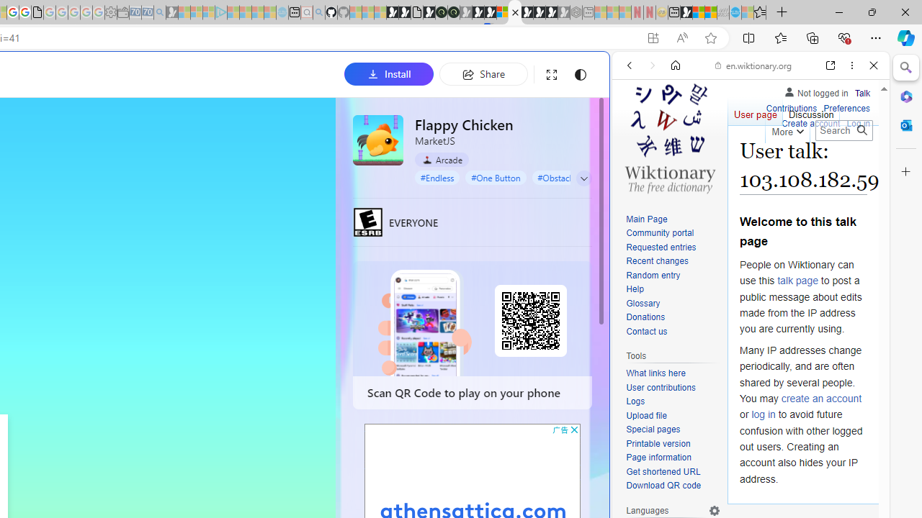 This screenshot has width=922, height=518. I want to click on 'Get shortened URL', so click(673, 472).